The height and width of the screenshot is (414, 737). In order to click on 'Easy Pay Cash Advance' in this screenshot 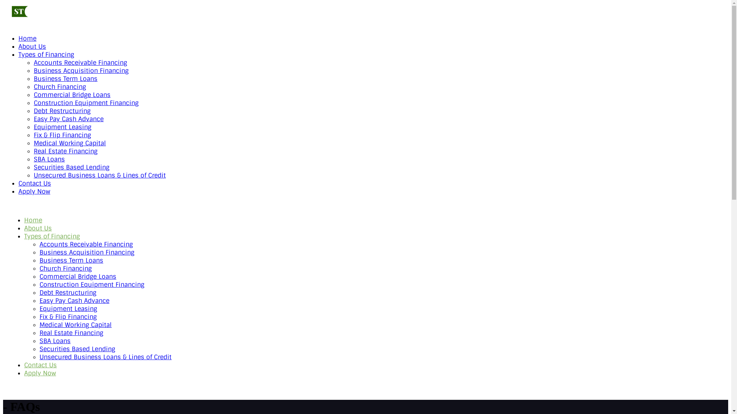, I will do `click(68, 119)`.